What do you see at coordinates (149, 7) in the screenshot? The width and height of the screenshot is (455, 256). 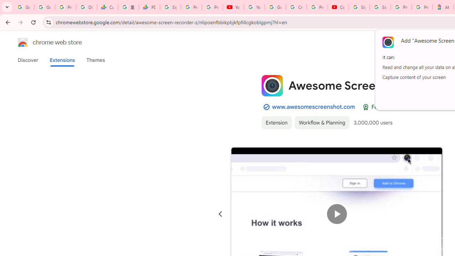 I see `'PDD Holdings Inc - ADR (PDD) Price & News - Google Finance'` at bounding box center [149, 7].